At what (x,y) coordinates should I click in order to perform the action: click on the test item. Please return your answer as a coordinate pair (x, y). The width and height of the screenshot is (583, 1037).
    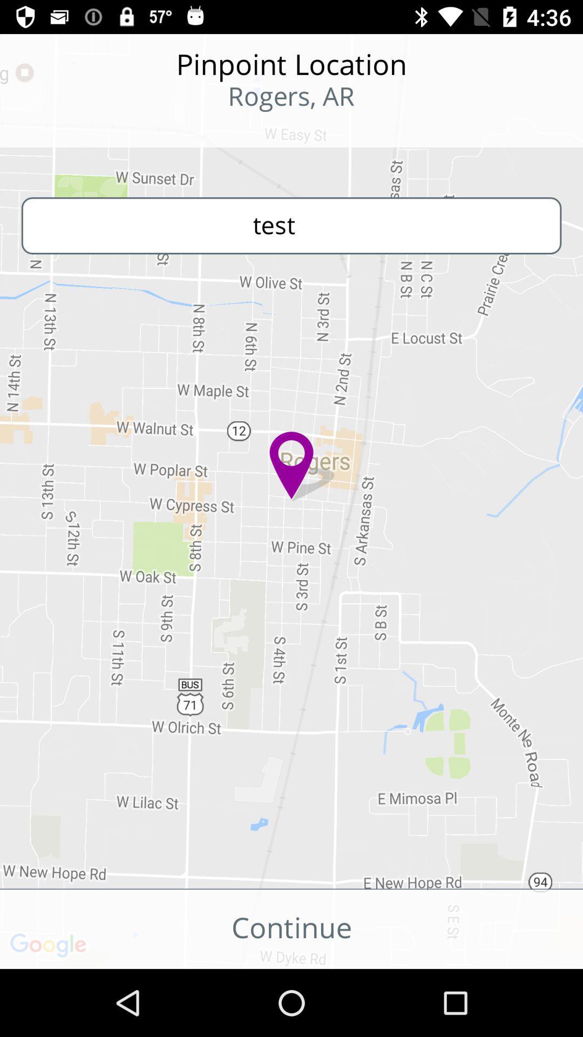
    Looking at the image, I should click on (291, 225).